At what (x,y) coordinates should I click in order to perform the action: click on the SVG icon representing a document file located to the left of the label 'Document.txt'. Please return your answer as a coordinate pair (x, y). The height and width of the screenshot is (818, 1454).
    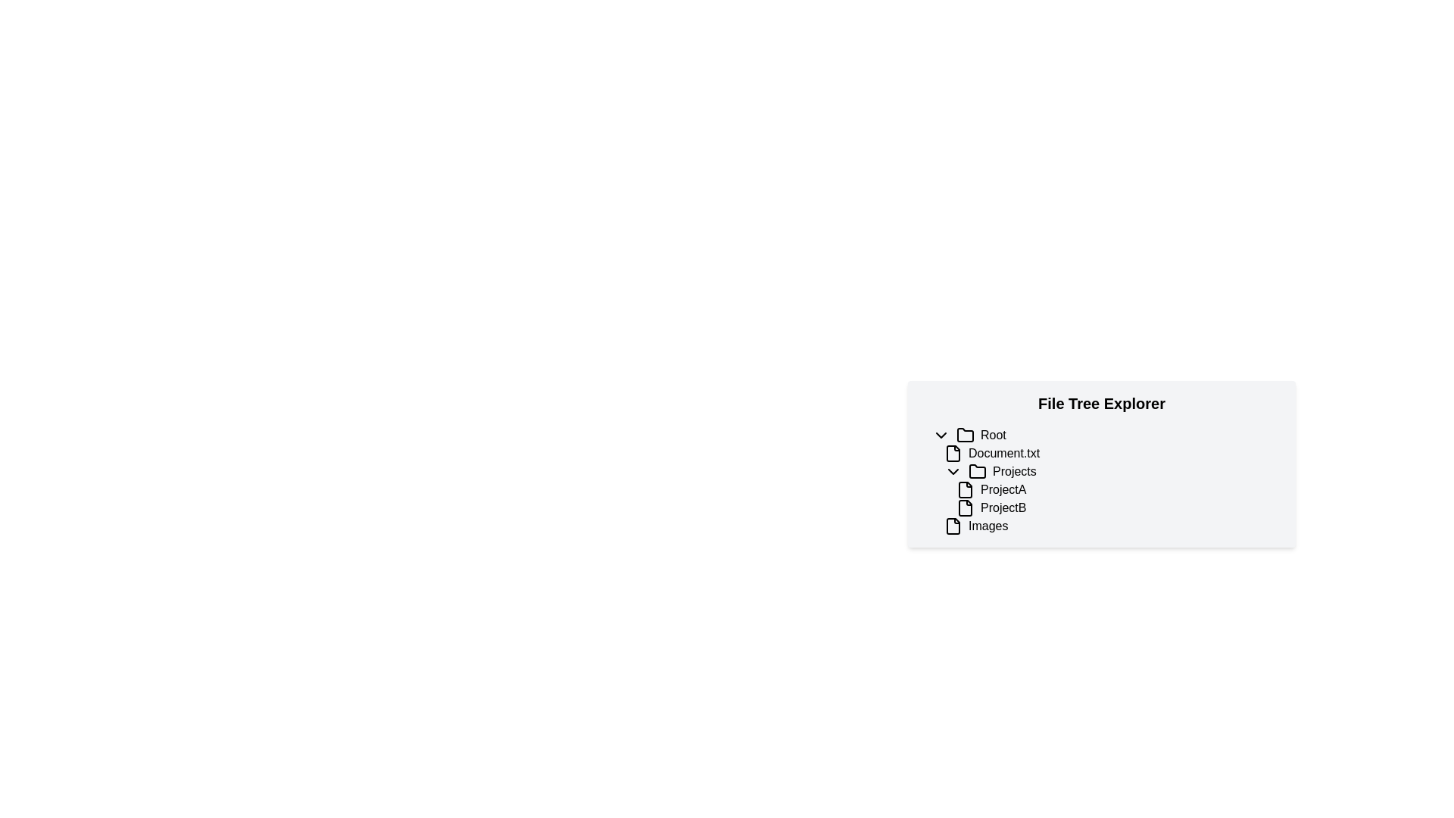
    Looking at the image, I should click on (952, 452).